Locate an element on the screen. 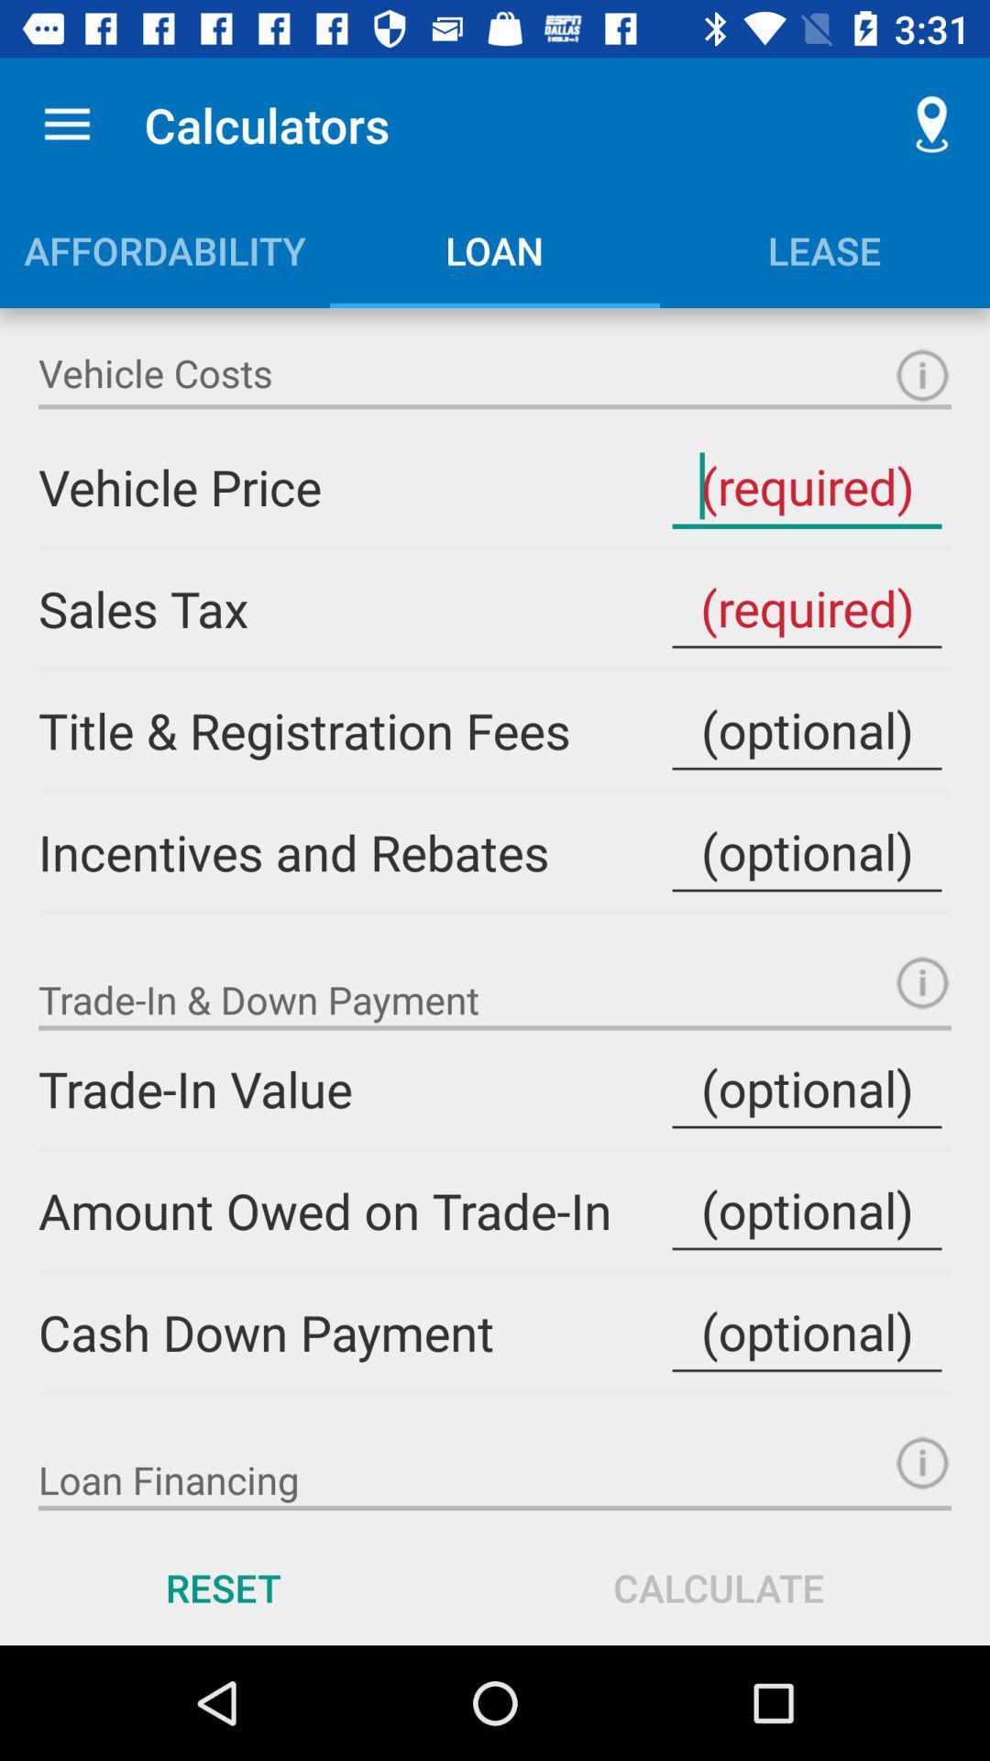  price is located at coordinates (806, 487).